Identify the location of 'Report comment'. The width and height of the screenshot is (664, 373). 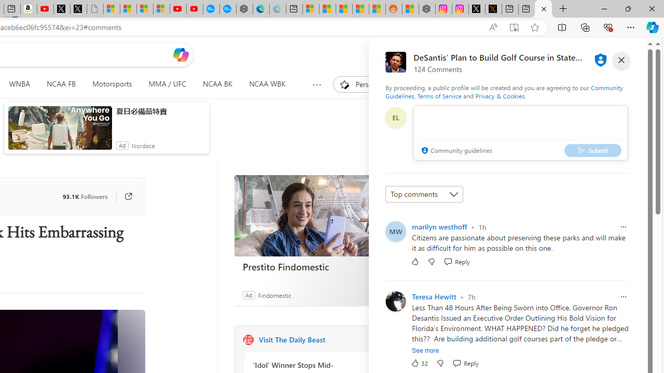
(622, 297).